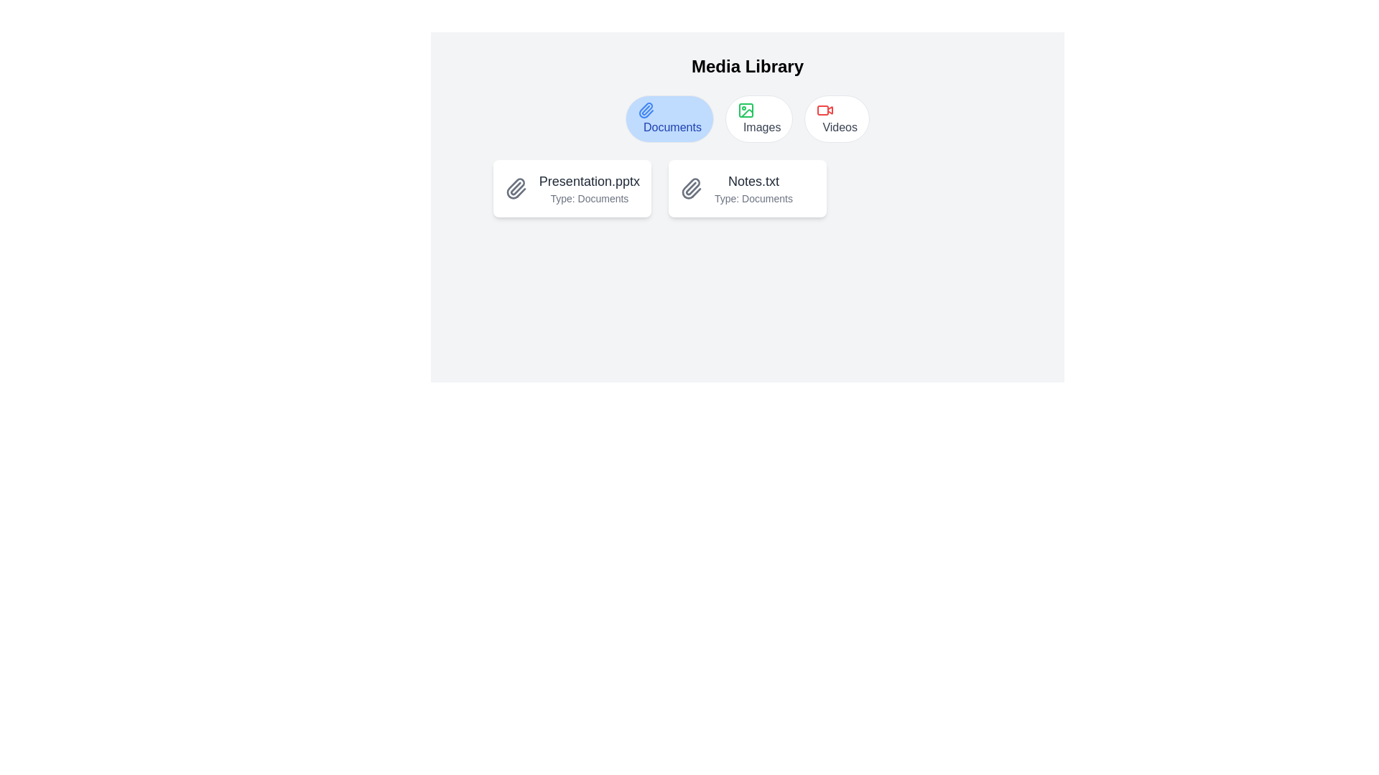 Image resolution: width=1379 pixels, height=775 pixels. What do you see at coordinates (747, 118) in the screenshot?
I see `the 'Images' tab in the Media Library menu` at bounding box center [747, 118].